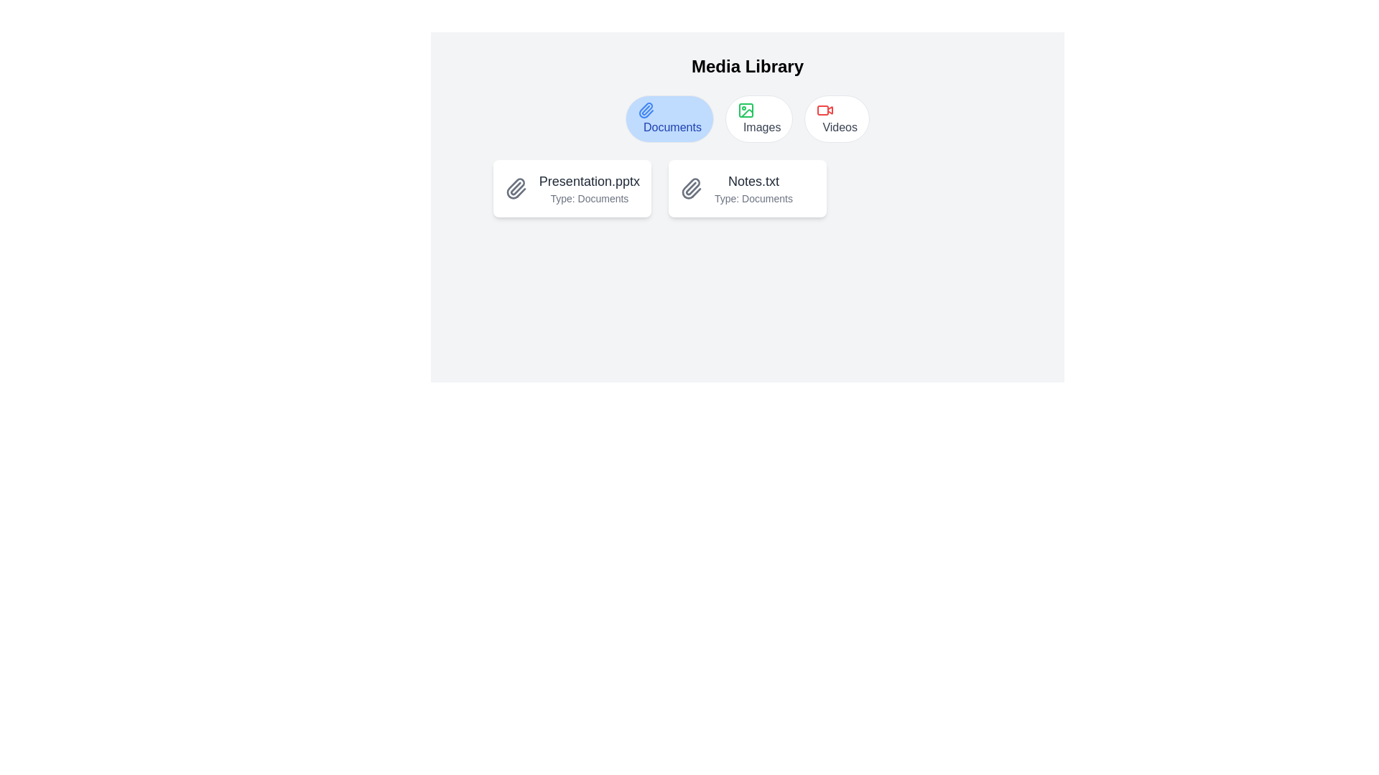 Image resolution: width=1379 pixels, height=775 pixels. What do you see at coordinates (747, 118) in the screenshot?
I see `the 'Images' tab in the Media Library menu` at bounding box center [747, 118].